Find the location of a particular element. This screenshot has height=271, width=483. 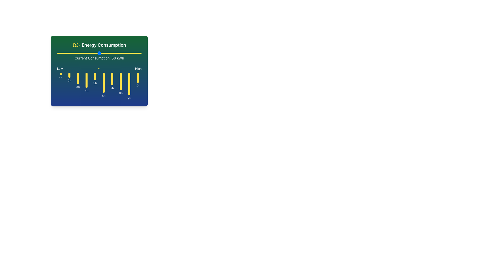

the yellow battery charging icon with a lightning bolt symbol, located to the left of the 'Energy Consumption' text in the green area at the top of the card interface is located at coordinates (76, 45).